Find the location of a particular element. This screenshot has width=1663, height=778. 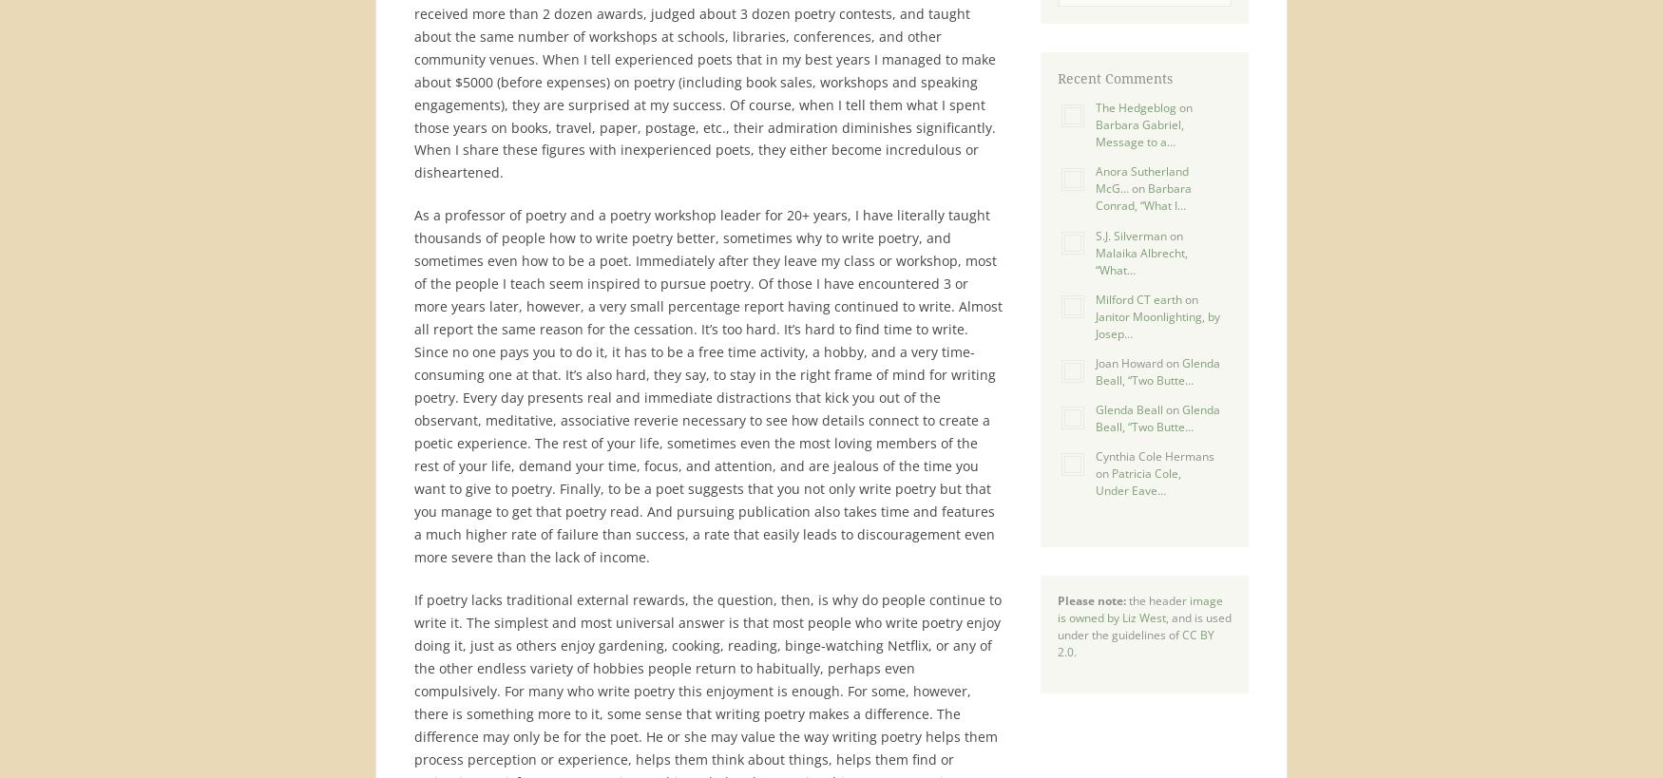

'S.J. Silverman' is located at coordinates (1131, 234).